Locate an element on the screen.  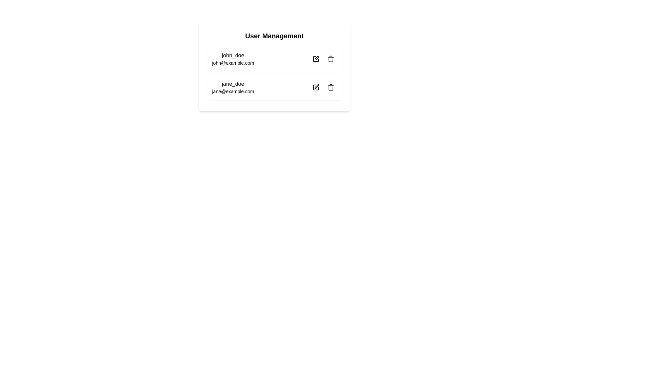
the circular button with an icon that allows editing actions for the associated user information of 'jane_doe' is located at coordinates (315, 87).